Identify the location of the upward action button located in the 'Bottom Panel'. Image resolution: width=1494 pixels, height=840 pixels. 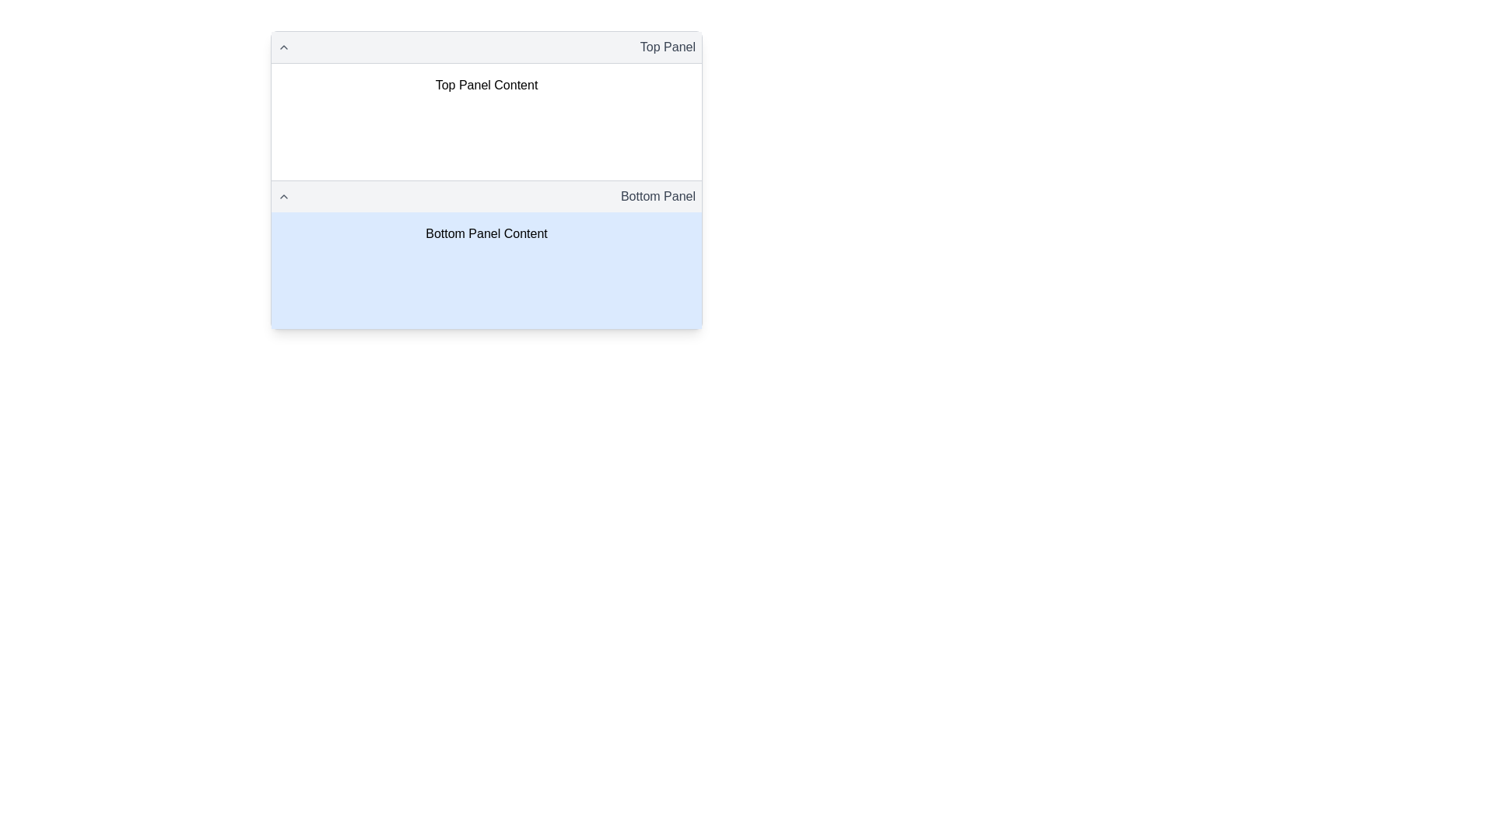
(283, 196).